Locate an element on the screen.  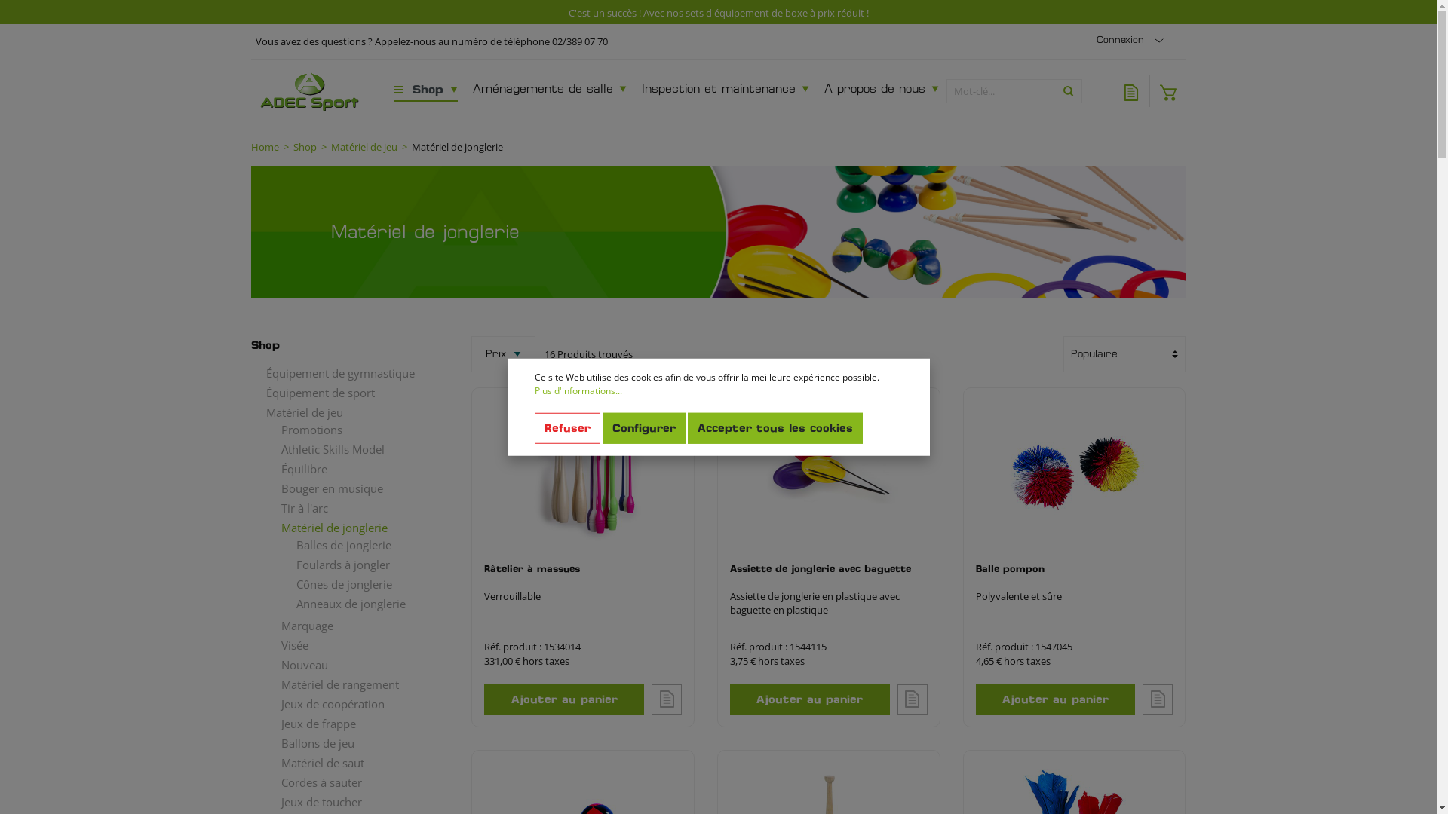
'Configurer' is located at coordinates (600, 428).